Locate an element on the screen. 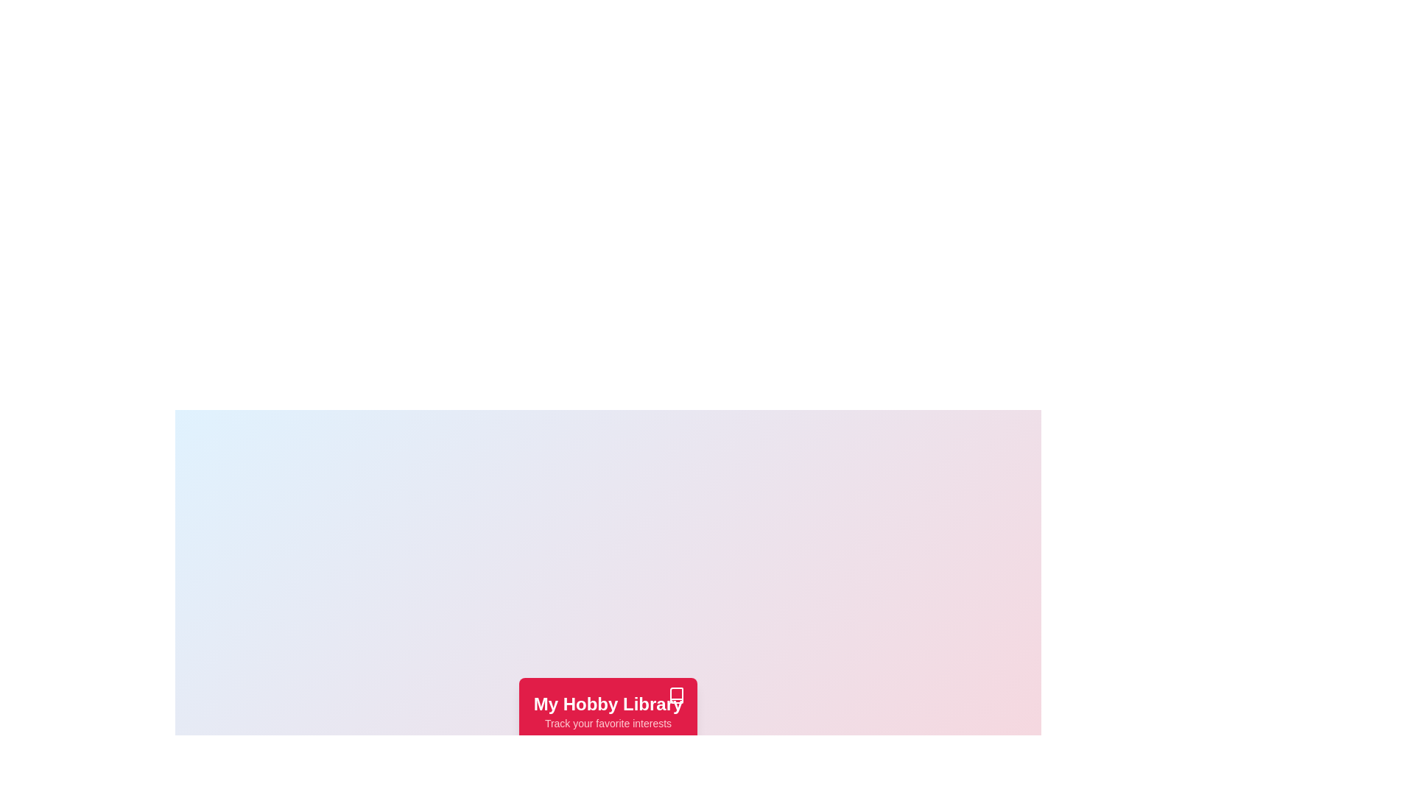  the text label providing supplementary context to 'My Hobby Library', which is centrally positioned below the heading and within a vivid rose-colored background is located at coordinates (608, 723).